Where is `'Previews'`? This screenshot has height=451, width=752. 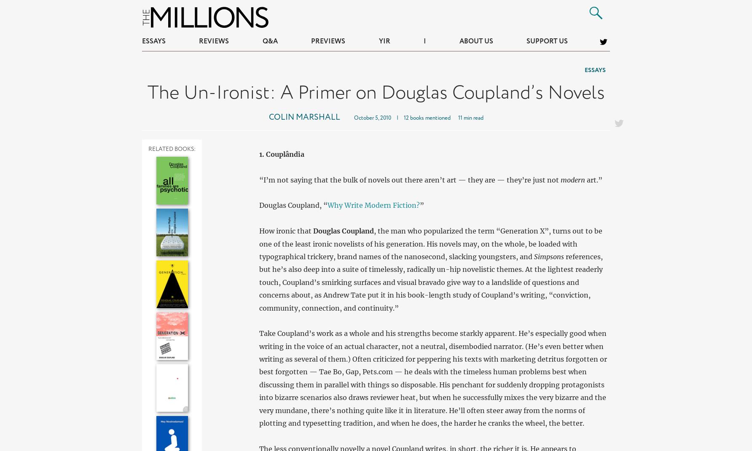 'Previews' is located at coordinates (328, 41).